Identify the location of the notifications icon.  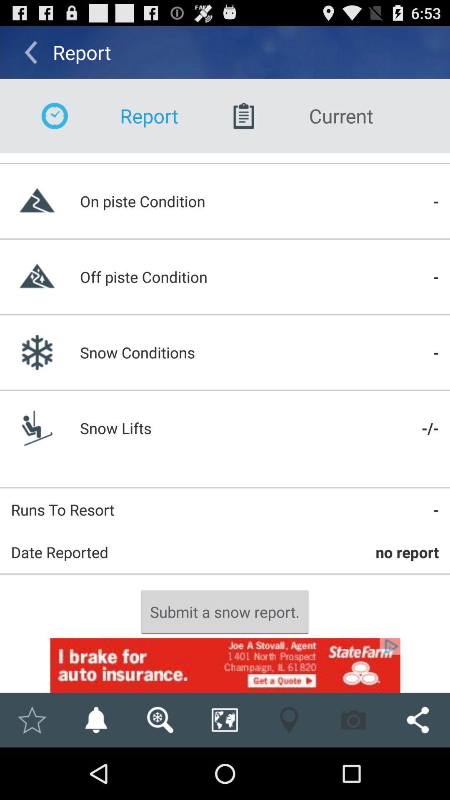
(95, 770).